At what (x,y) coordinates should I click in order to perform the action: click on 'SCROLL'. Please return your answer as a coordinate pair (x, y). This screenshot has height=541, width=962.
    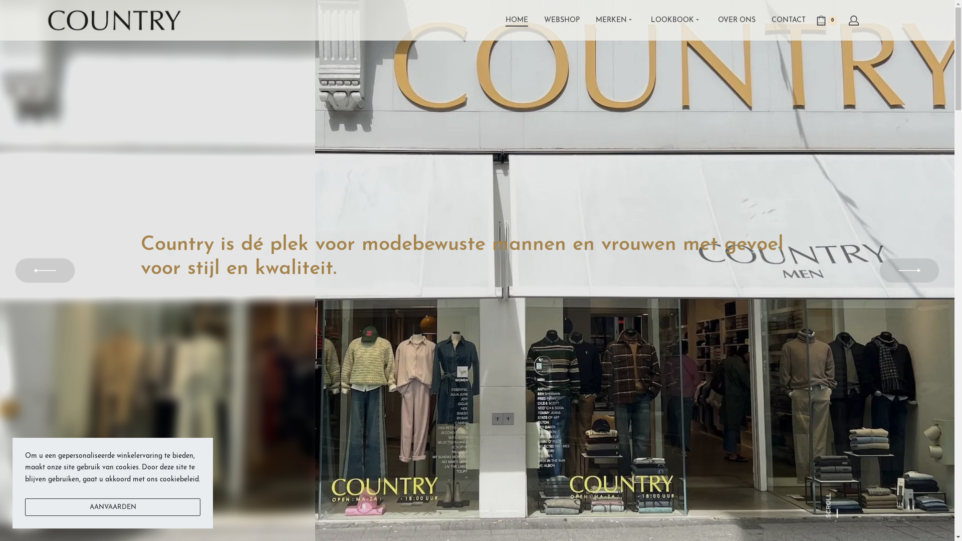
    Looking at the image, I should click on (838, 498).